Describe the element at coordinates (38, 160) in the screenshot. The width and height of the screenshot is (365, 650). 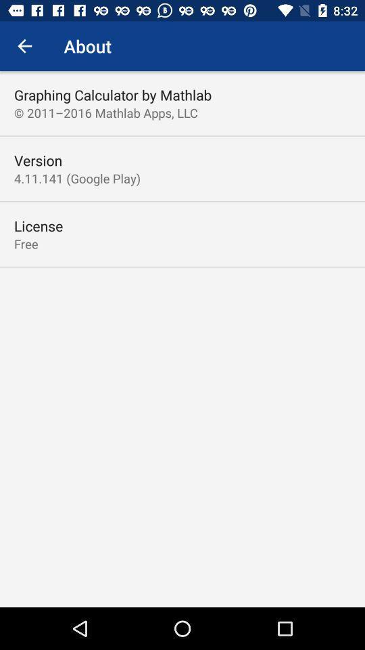
I see `the version icon` at that location.